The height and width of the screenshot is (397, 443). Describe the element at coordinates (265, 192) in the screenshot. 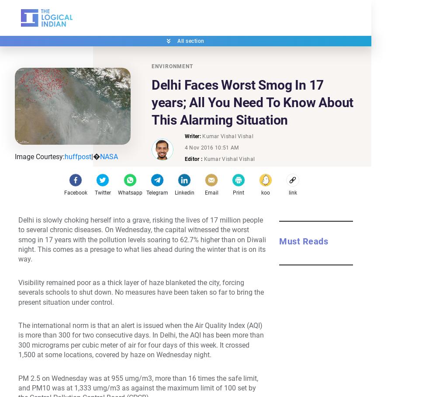

I see `'koo'` at that location.